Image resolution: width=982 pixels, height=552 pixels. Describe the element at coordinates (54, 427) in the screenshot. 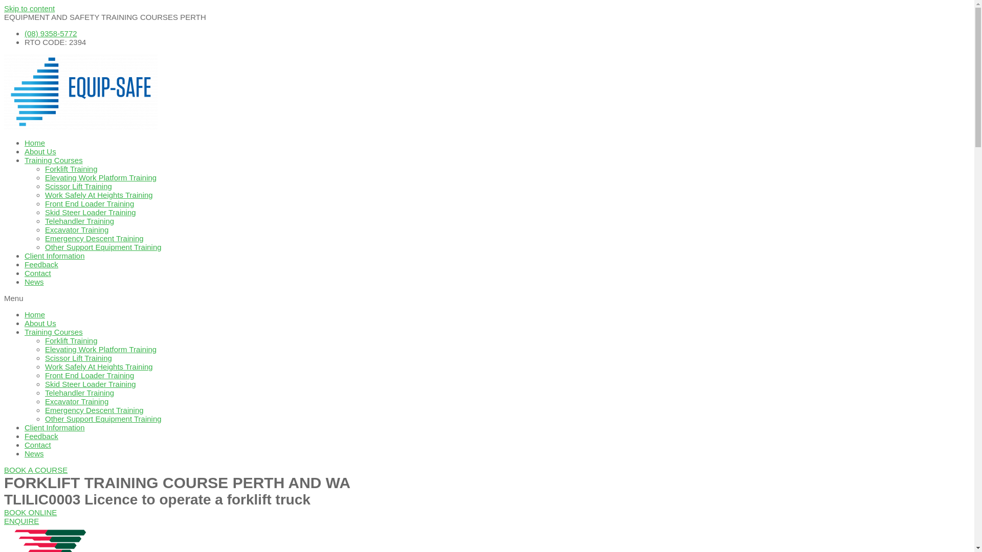

I see `'Client Information'` at that location.